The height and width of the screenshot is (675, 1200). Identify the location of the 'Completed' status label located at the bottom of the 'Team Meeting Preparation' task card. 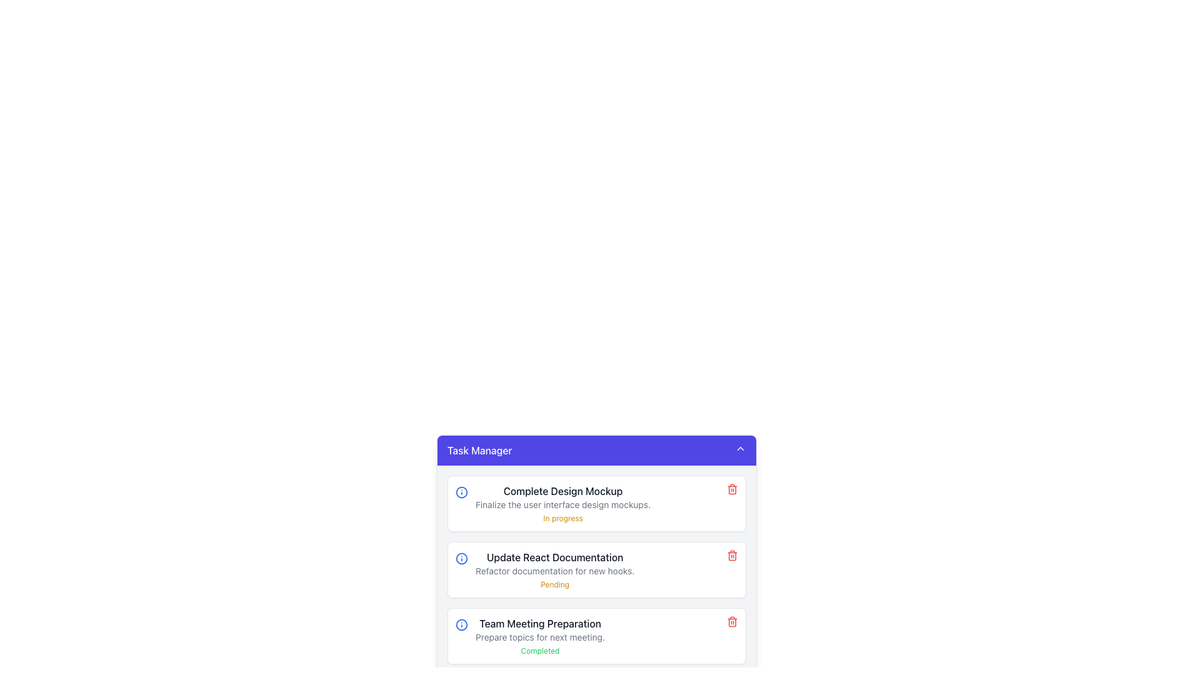
(540, 650).